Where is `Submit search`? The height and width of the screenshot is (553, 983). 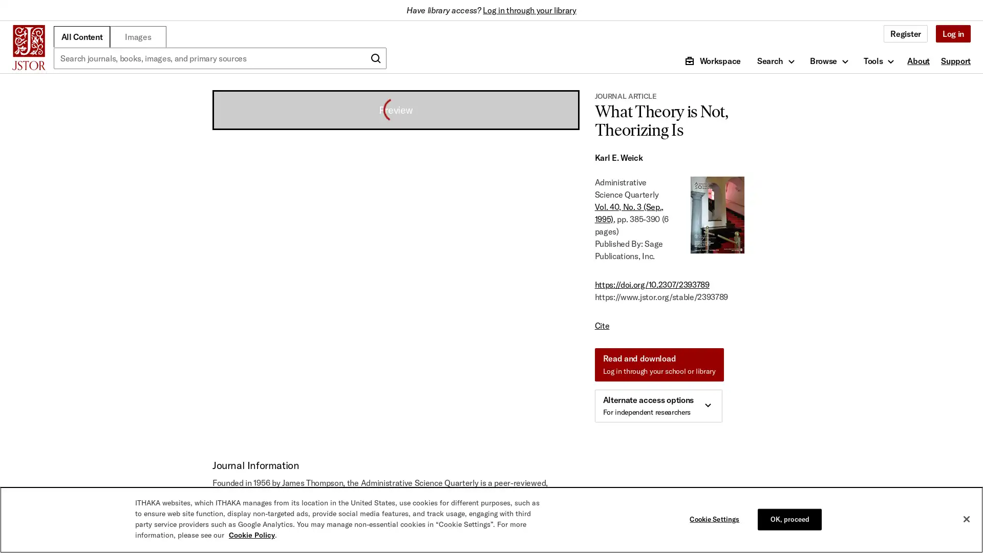
Submit search is located at coordinates (375, 58).